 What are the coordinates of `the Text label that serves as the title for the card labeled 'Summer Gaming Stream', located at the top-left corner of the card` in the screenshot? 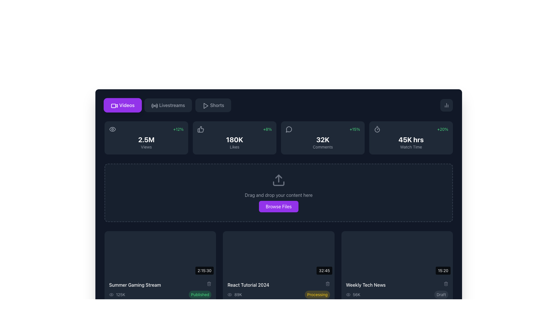 It's located at (160, 285).